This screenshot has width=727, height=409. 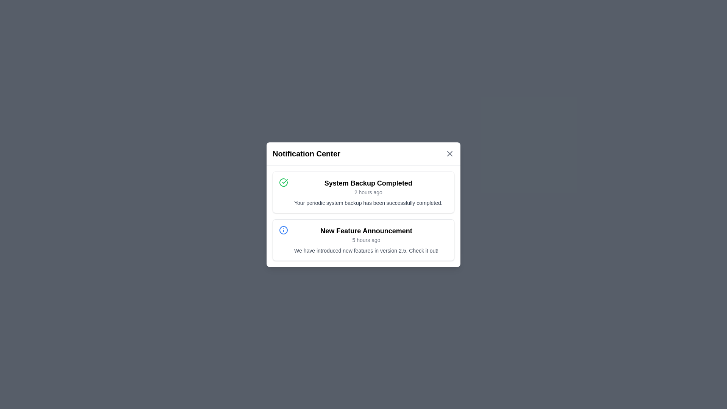 I want to click on the information icon located at the top-left corner inside the 'New Feature Announcement' notification card, adjacent to the title text, so click(x=283, y=229).